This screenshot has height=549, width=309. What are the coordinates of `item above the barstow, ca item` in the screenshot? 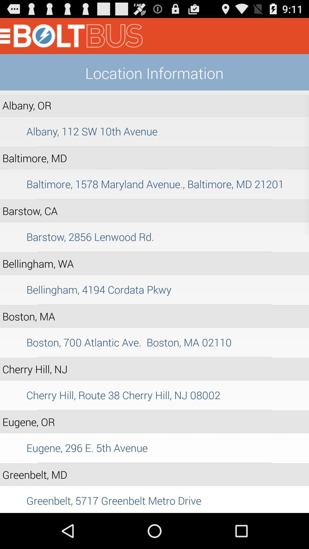 It's located at (154, 199).